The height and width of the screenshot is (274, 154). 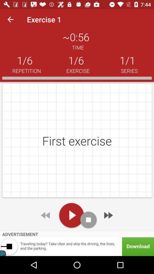 I want to click on starts exercise, so click(x=71, y=215).